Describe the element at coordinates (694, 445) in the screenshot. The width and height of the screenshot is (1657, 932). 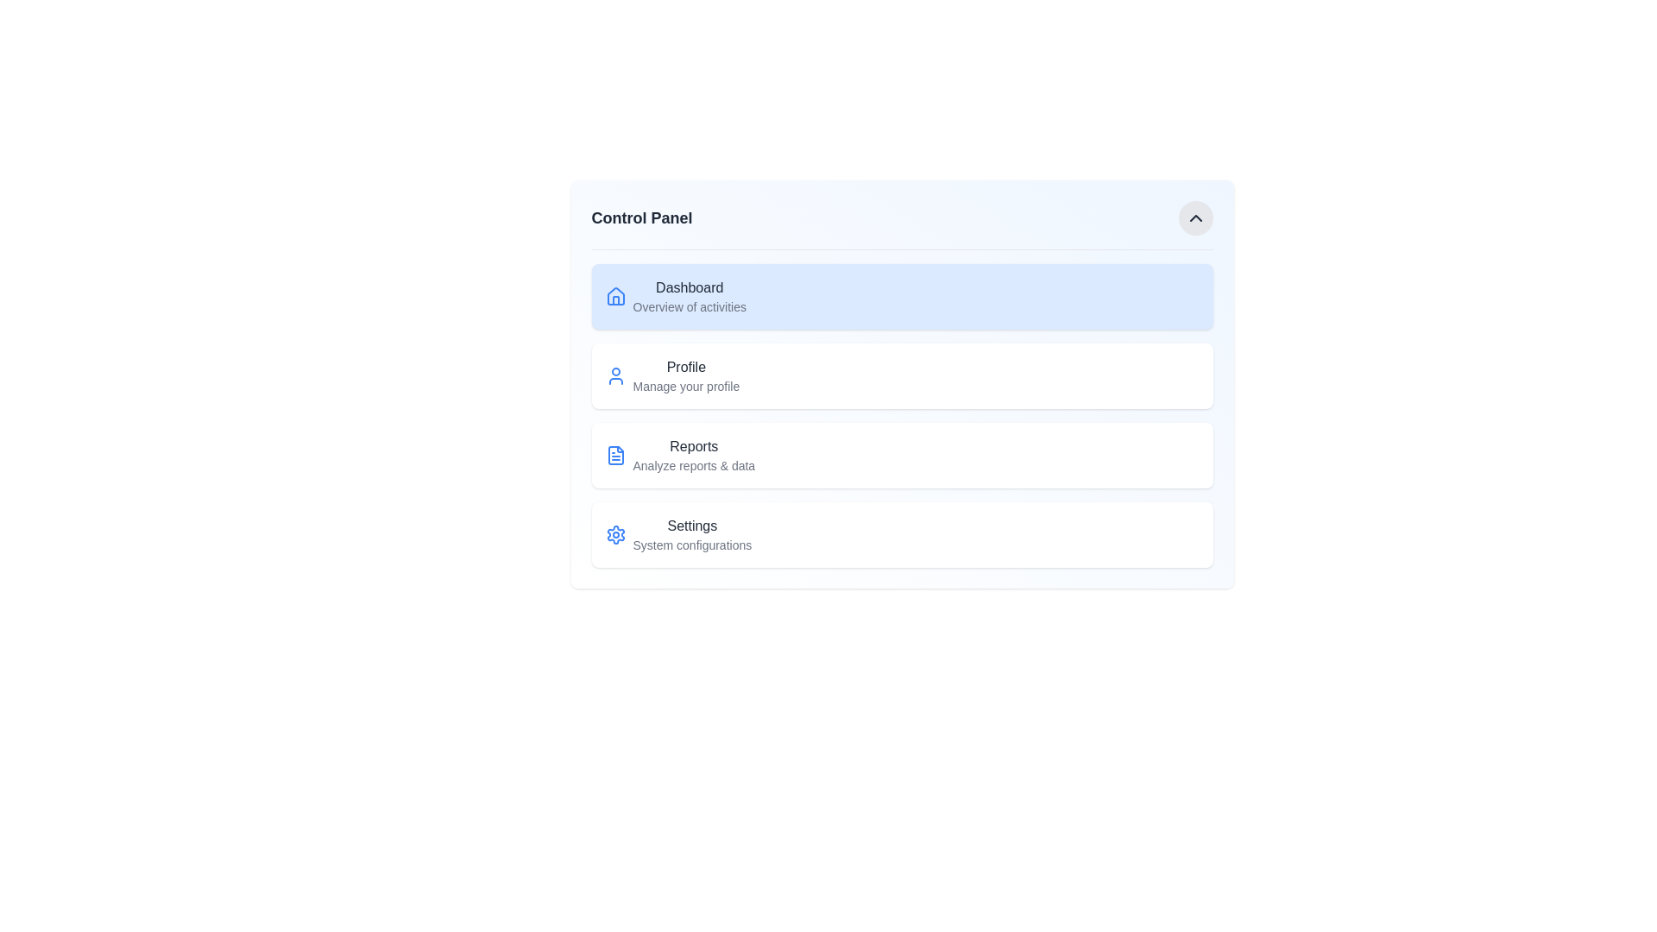
I see `the Text Label that serves as the title for the report analysis feature, located in the middle-right section of the interface, above the descriptive text 'Analyze reports & data'` at that location.